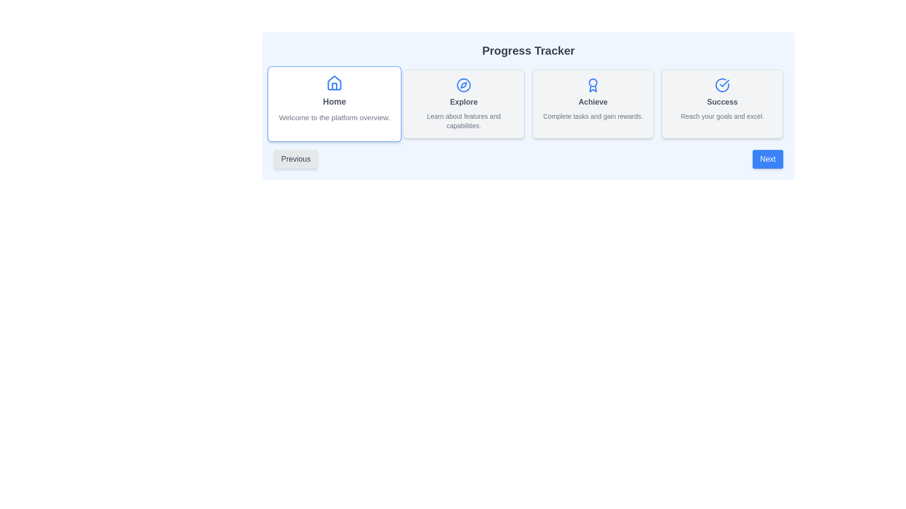 This screenshot has width=906, height=509. I want to click on text label displaying 'Welcome to the platform overview.' which is styled in gray and located below the bolded text 'Home', so click(335, 117).